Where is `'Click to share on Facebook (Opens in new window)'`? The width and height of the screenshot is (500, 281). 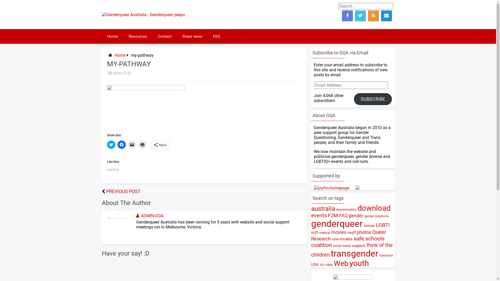 'Click to share on Facebook (Opens in new window)' is located at coordinates (121, 144).